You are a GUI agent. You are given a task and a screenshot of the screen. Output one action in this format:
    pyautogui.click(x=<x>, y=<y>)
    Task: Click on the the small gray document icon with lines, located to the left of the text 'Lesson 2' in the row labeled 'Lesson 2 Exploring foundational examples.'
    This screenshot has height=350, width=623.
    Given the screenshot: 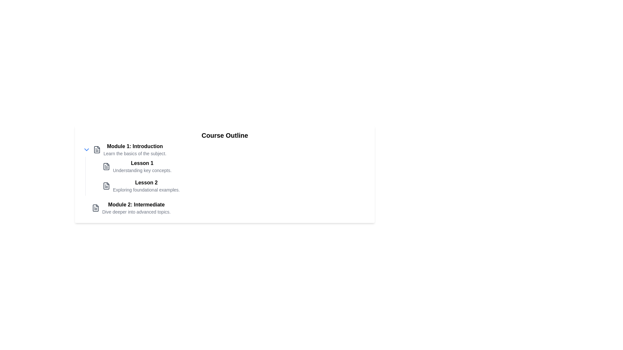 What is the action you would take?
    pyautogui.click(x=106, y=186)
    